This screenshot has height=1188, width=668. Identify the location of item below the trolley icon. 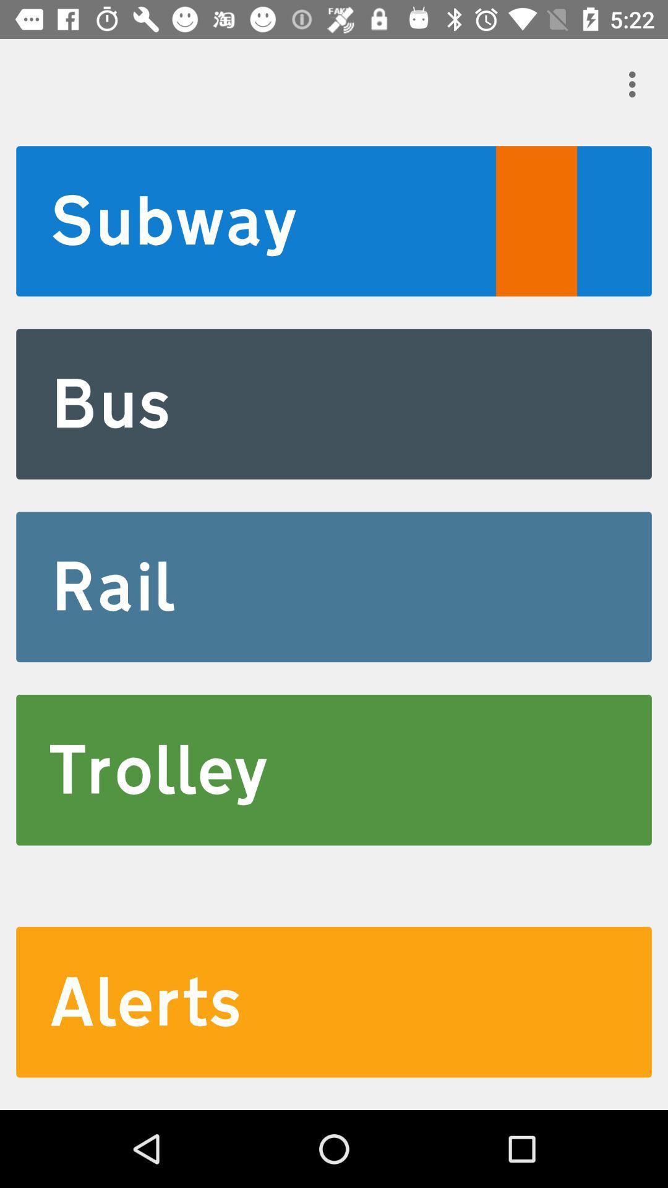
(334, 1002).